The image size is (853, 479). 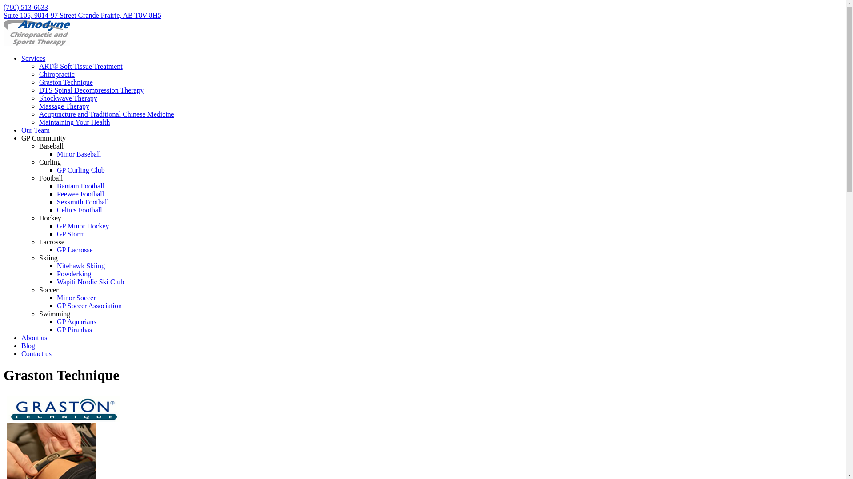 I want to click on 'Peewee Football', so click(x=80, y=193).